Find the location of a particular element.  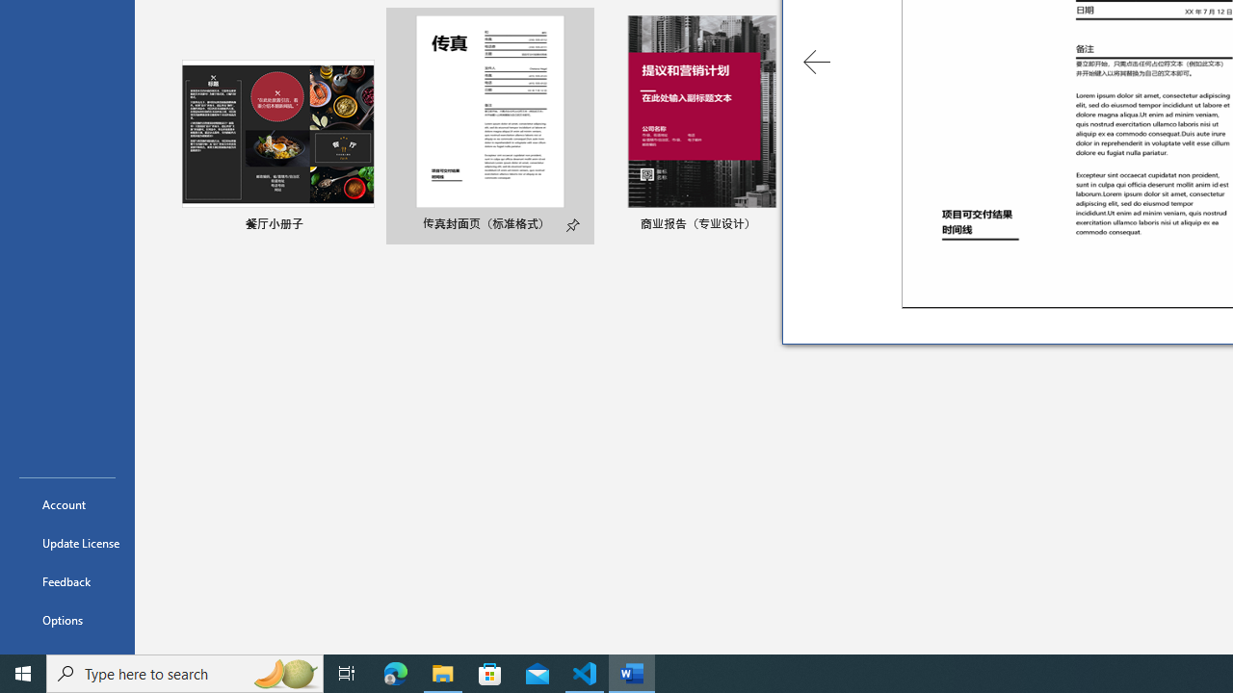

'Microsoft Edge' is located at coordinates (395, 672).